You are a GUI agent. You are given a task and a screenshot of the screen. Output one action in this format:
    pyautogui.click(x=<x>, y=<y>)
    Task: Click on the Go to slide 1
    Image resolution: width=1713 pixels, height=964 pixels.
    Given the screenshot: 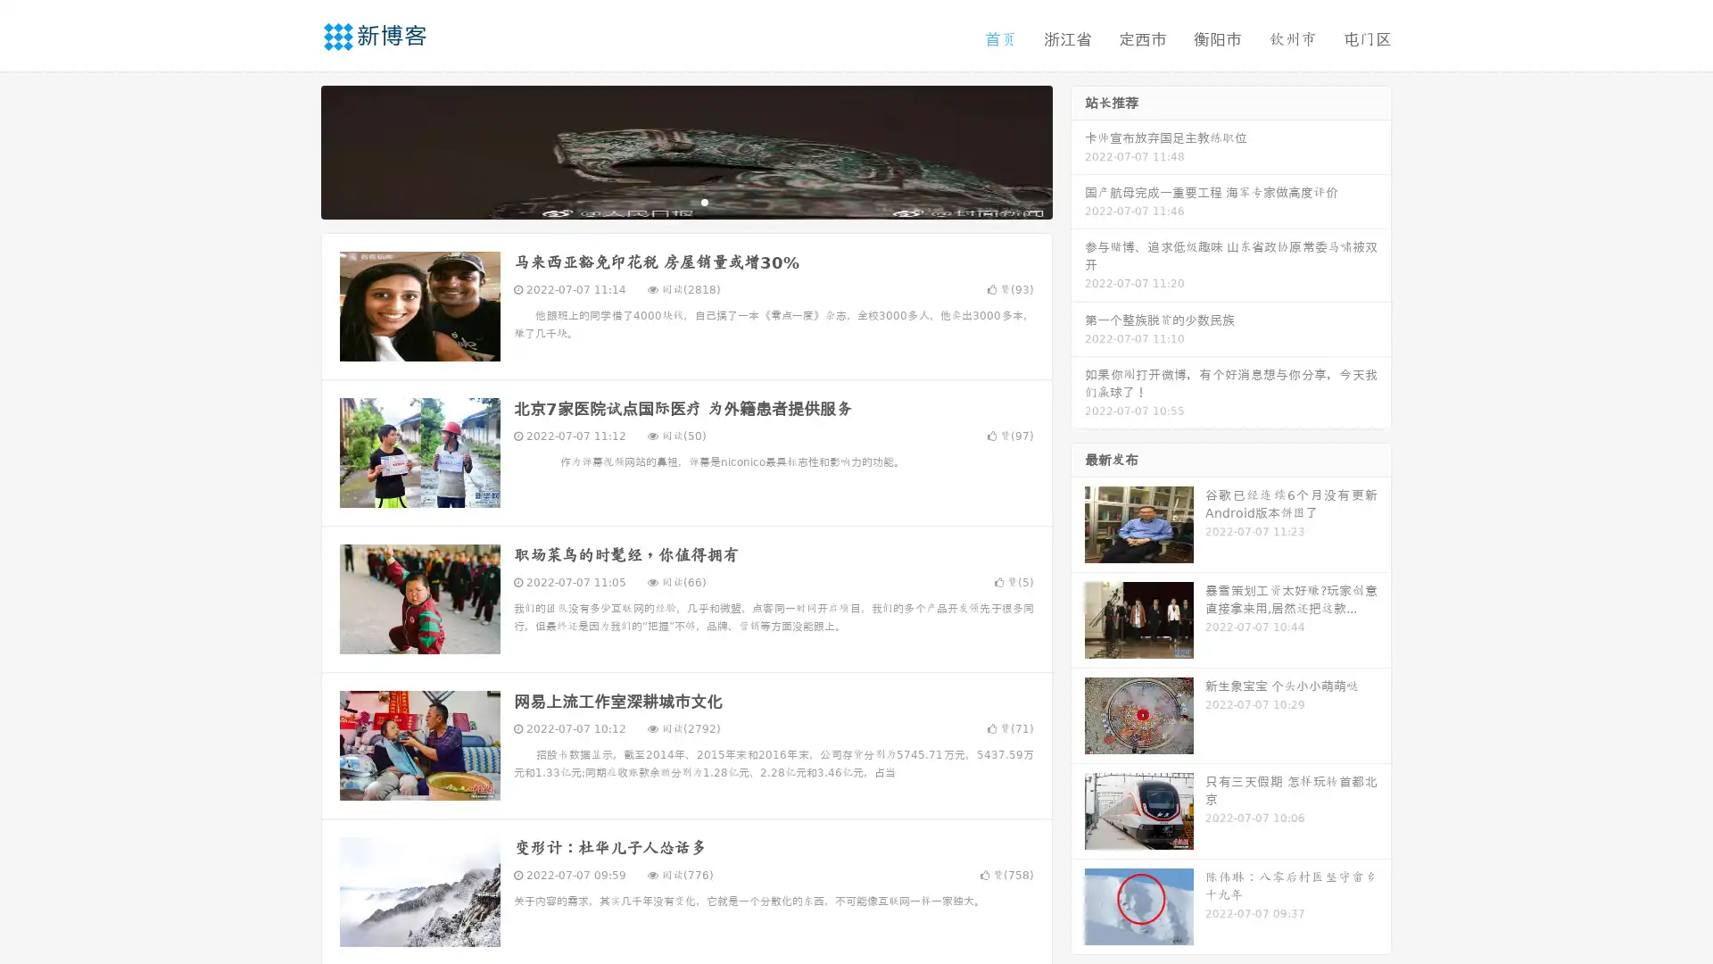 What is the action you would take?
    pyautogui.click(x=667, y=201)
    